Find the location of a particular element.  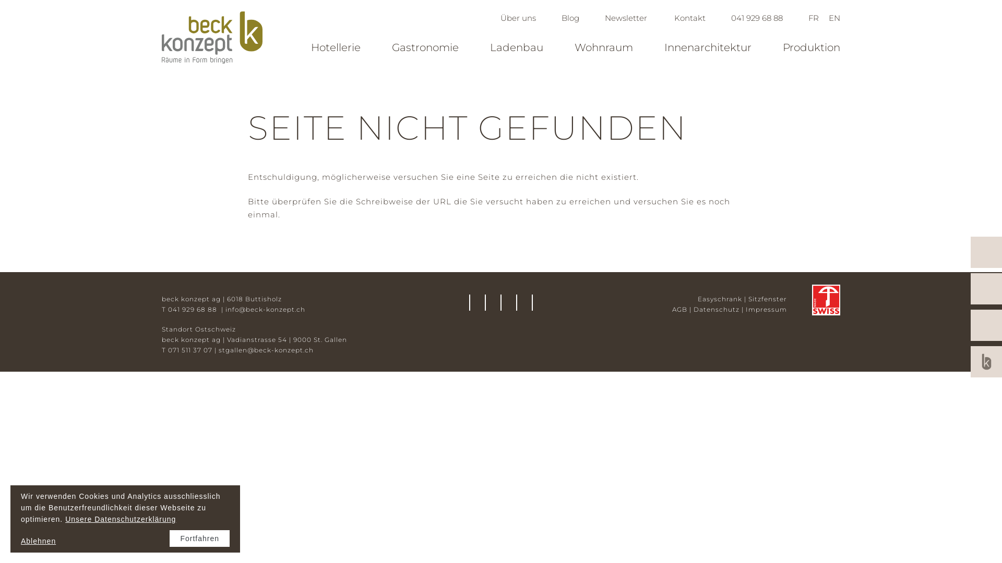

'stgallen@beck-konzept.ch' is located at coordinates (218, 350).